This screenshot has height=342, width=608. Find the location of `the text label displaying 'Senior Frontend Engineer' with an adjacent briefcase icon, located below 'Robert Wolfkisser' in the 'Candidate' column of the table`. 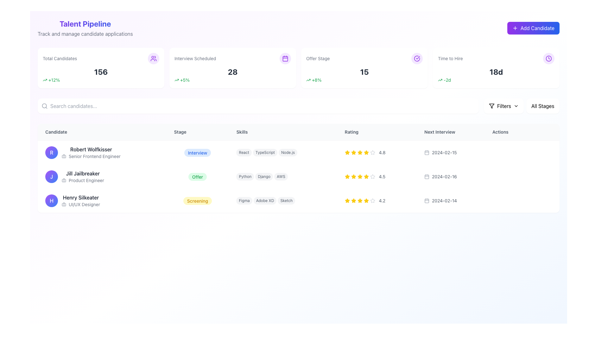

the text label displaying 'Senior Frontend Engineer' with an adjacent briefcase icon, located below 'Robert Wolfkisser' in the 'Candidate' column of the table is located at coordinates (91, 156).